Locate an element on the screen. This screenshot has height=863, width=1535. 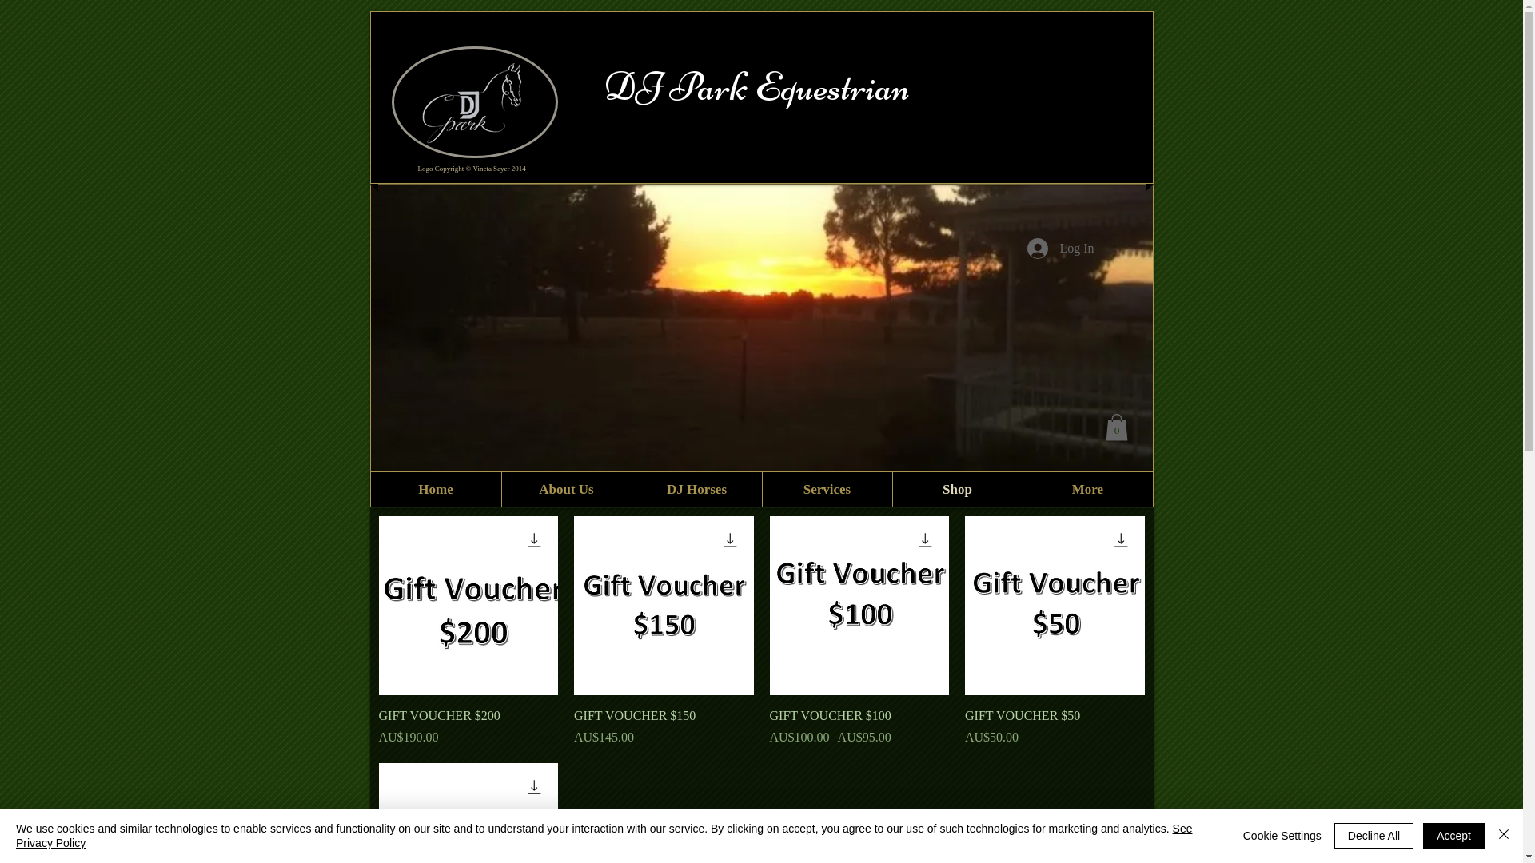
'Services' is located at coordinates (760, 488).